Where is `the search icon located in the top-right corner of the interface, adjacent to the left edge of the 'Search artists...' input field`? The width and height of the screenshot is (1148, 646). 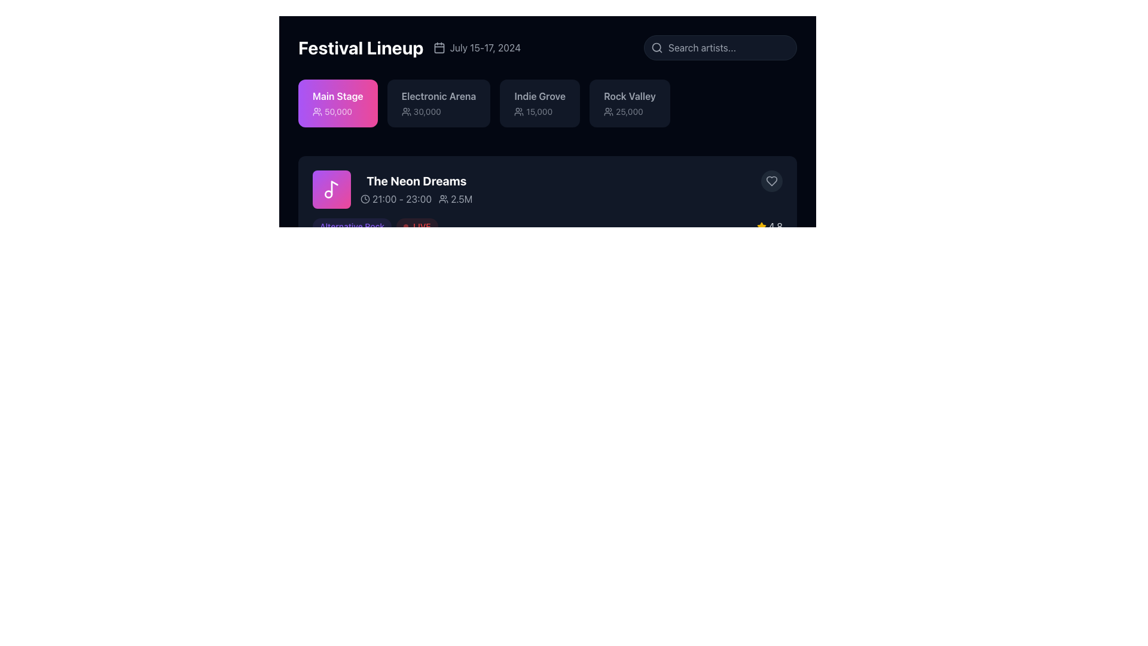
the search icon located in the top-right corner of the interface, adjacent to the left edge of the 'Search artists...' input field is located at coordinates (657, 47).